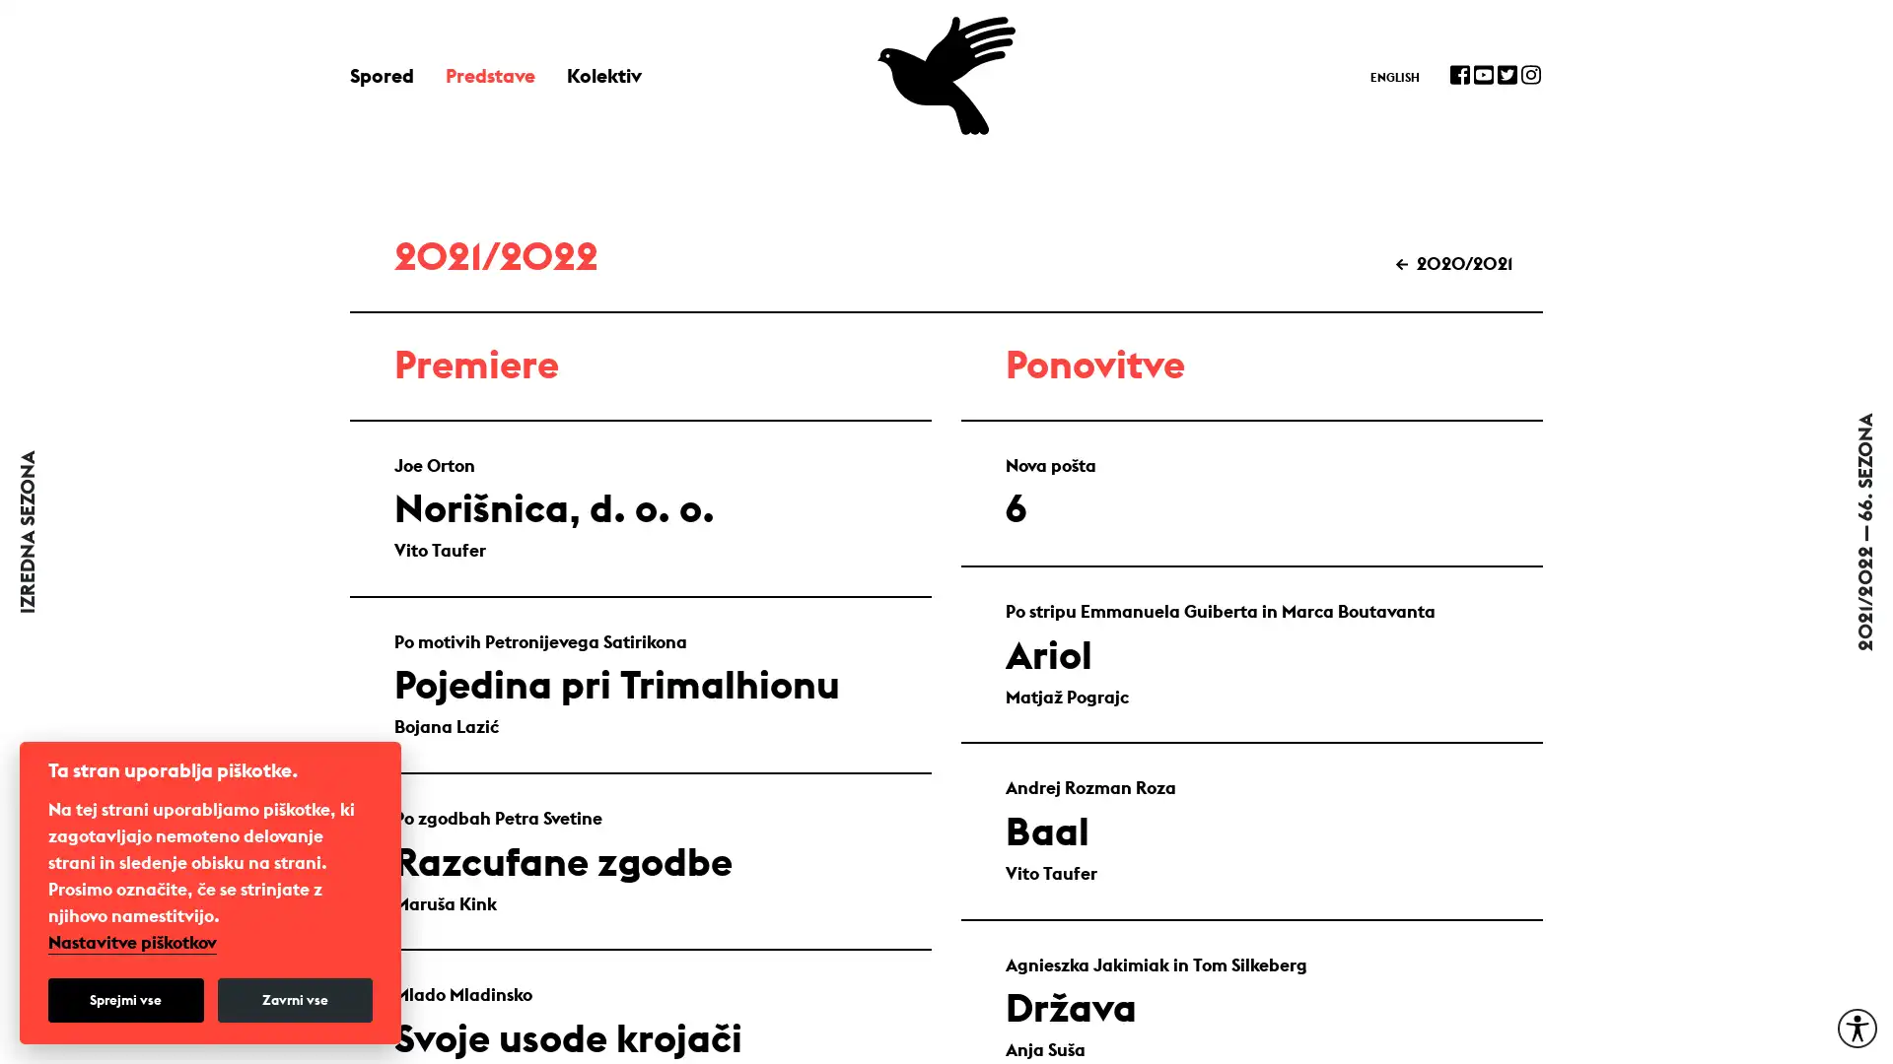  What do you see at coordinates (1856, 1028) in the screenshot?
I see `Moznosti za dostopnost` at bounding box center [1856, 1028].